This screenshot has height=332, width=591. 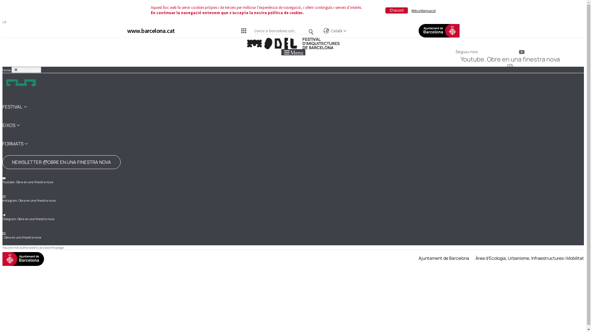 What do you see at coordinates (29, 199) in the screenshot?
I see `'Instagram. Obre en una finestra nova'` at bounding box center [29, 199].